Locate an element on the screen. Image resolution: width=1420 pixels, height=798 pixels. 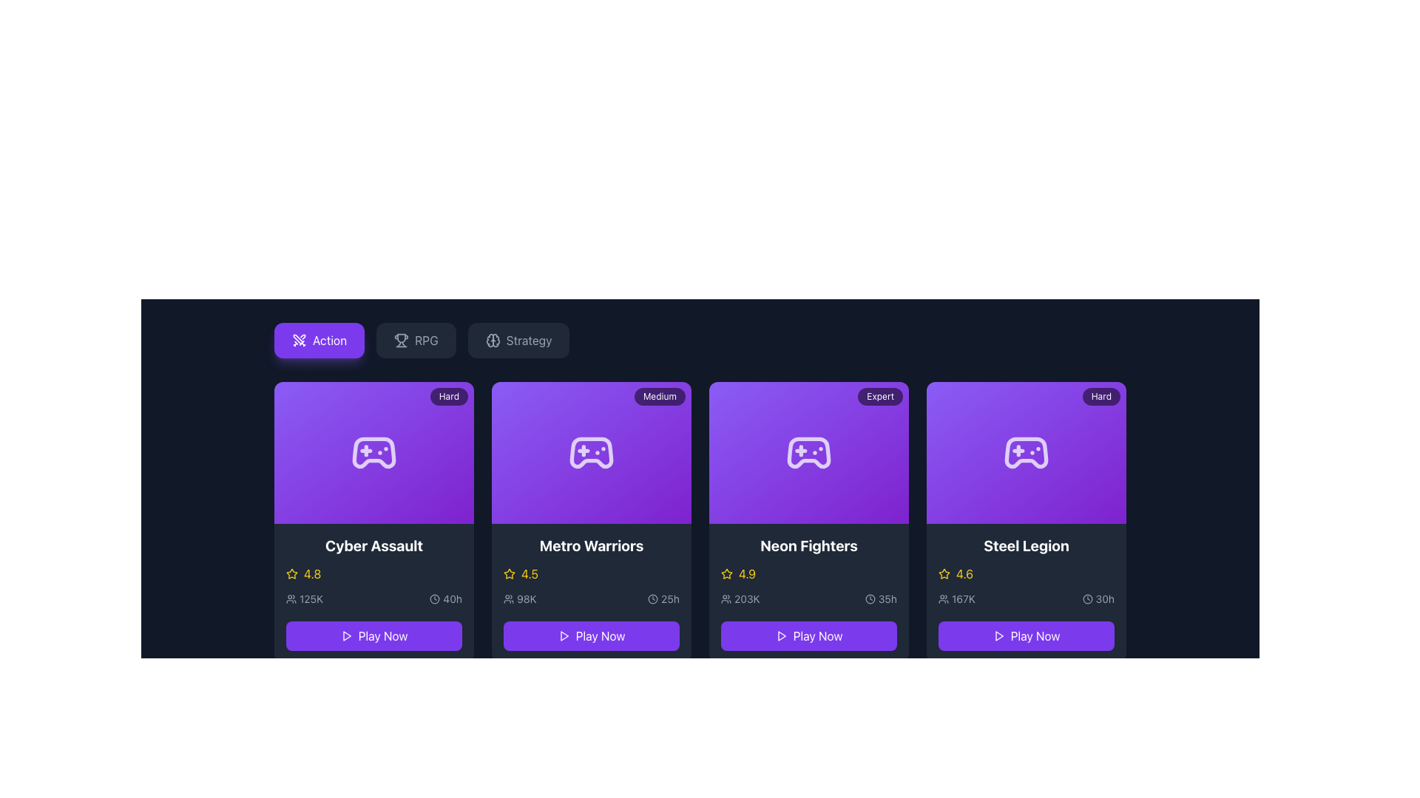
the user group icon located to the left of the '125K' text, which is styled in a simple line-based design and presented in white on a dark background is located at coordinates (291, 598).